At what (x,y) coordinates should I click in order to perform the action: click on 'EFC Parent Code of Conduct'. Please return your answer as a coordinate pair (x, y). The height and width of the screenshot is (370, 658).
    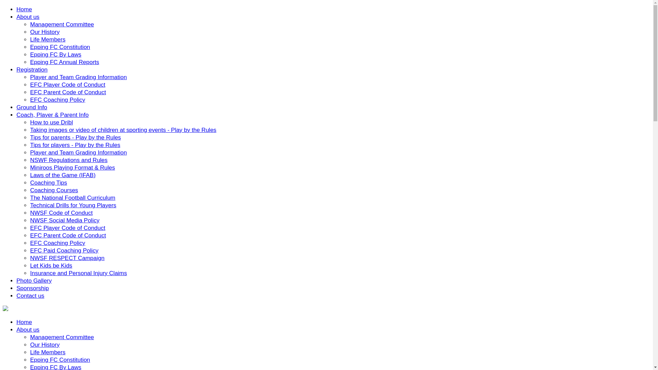
    Looking at the image, I should click on (68, 235).